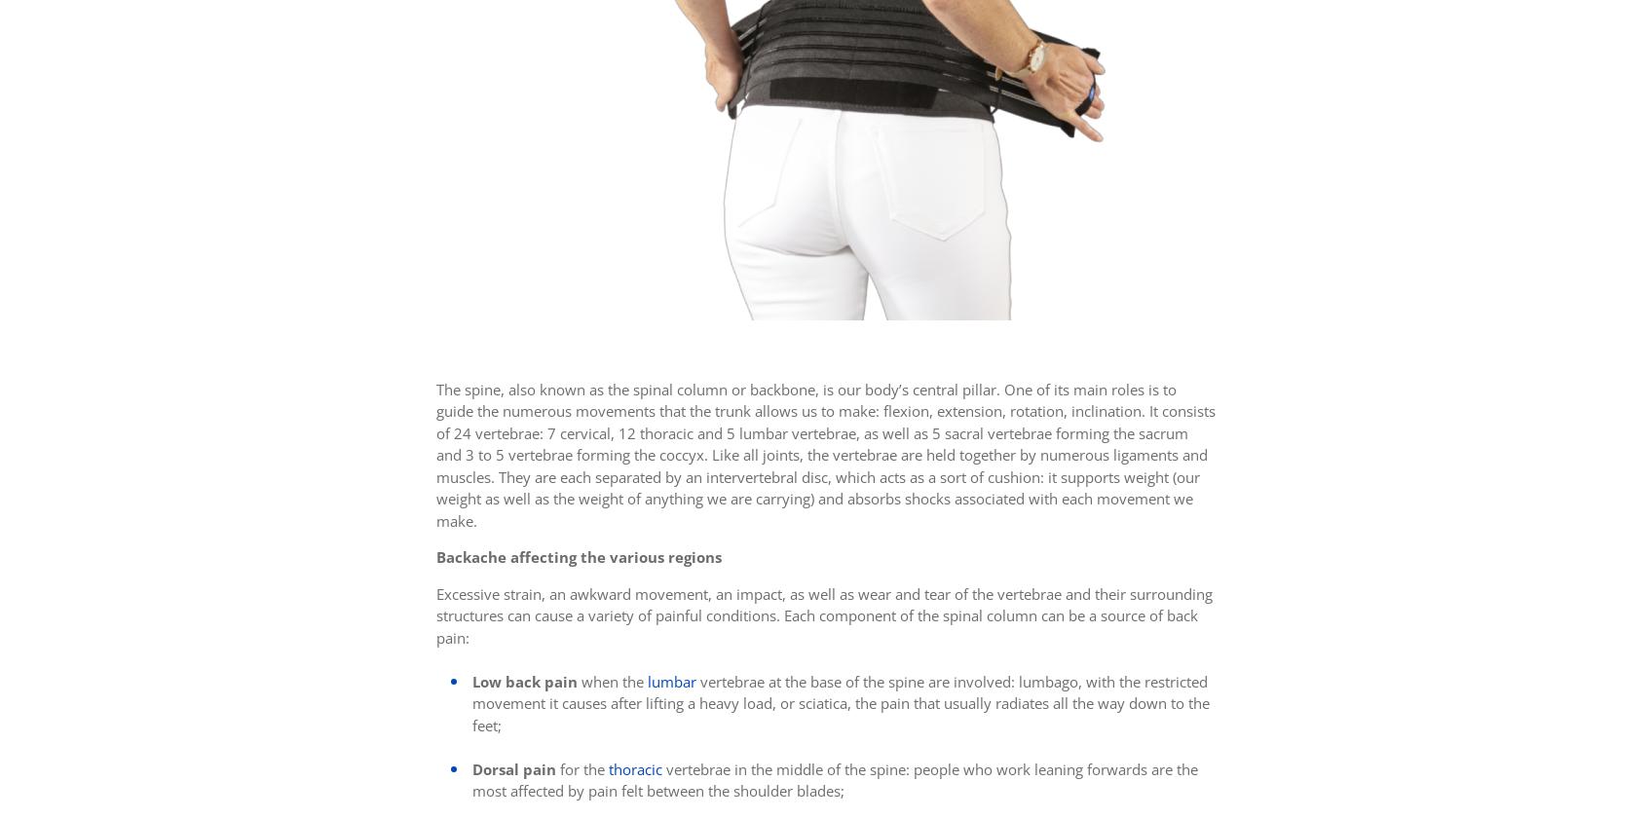 This screenshot has height=819, width=1651. Describe the element at coordinates (525, 681) in the screenshot. I see `'Low back pain'` at that location.